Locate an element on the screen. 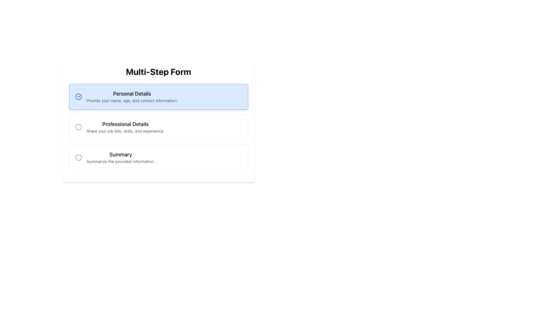 The image size is (551, 310). the inner circle of the second option in the vertical list of steps, which is styled in gray and located to the left of the label 'Professional Details' is located at coordinates (78, 127).